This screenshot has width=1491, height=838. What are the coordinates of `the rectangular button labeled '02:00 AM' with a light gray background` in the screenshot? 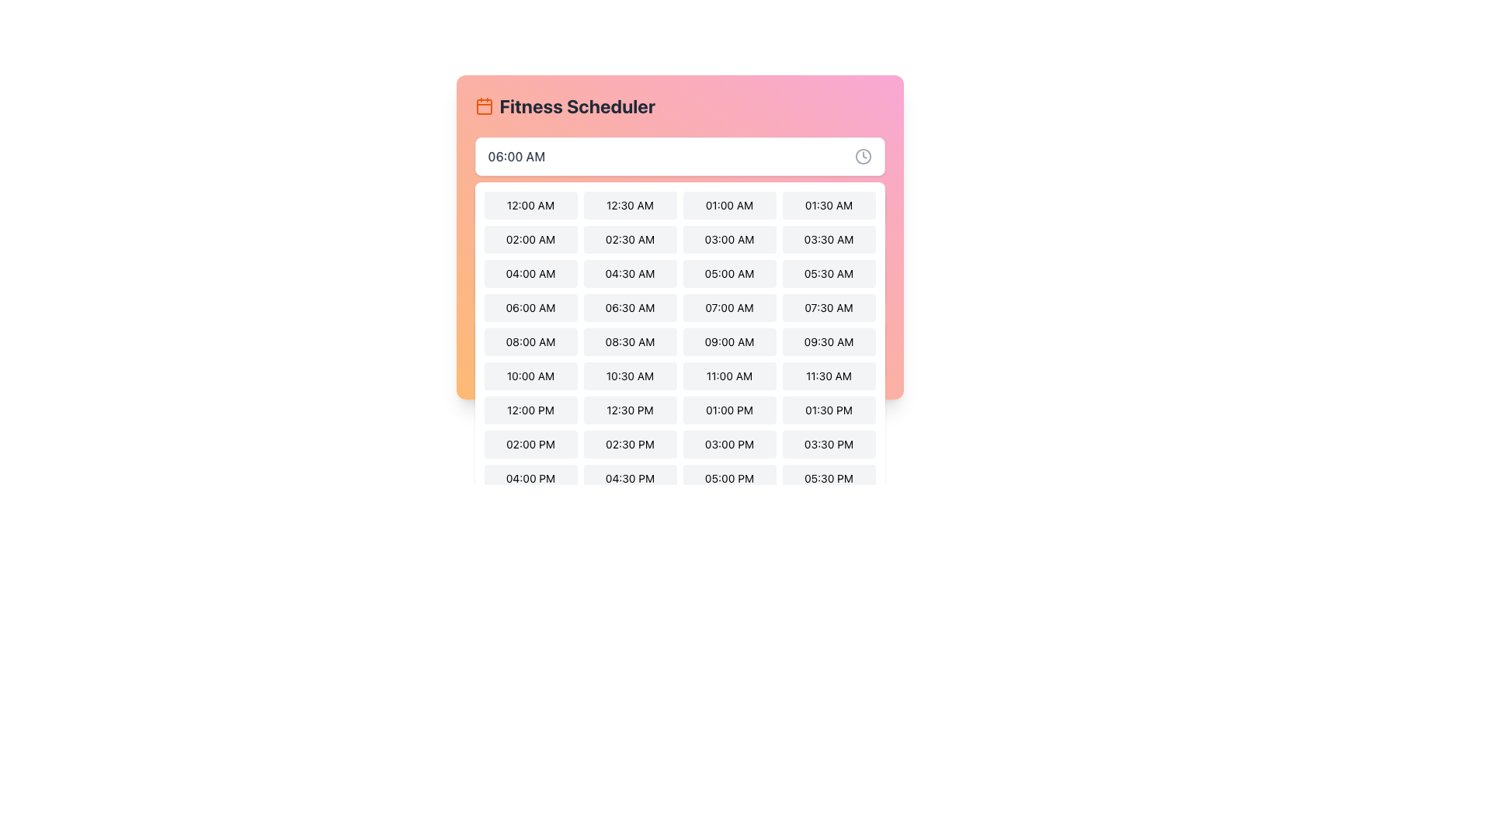 It's located at (530, 239).